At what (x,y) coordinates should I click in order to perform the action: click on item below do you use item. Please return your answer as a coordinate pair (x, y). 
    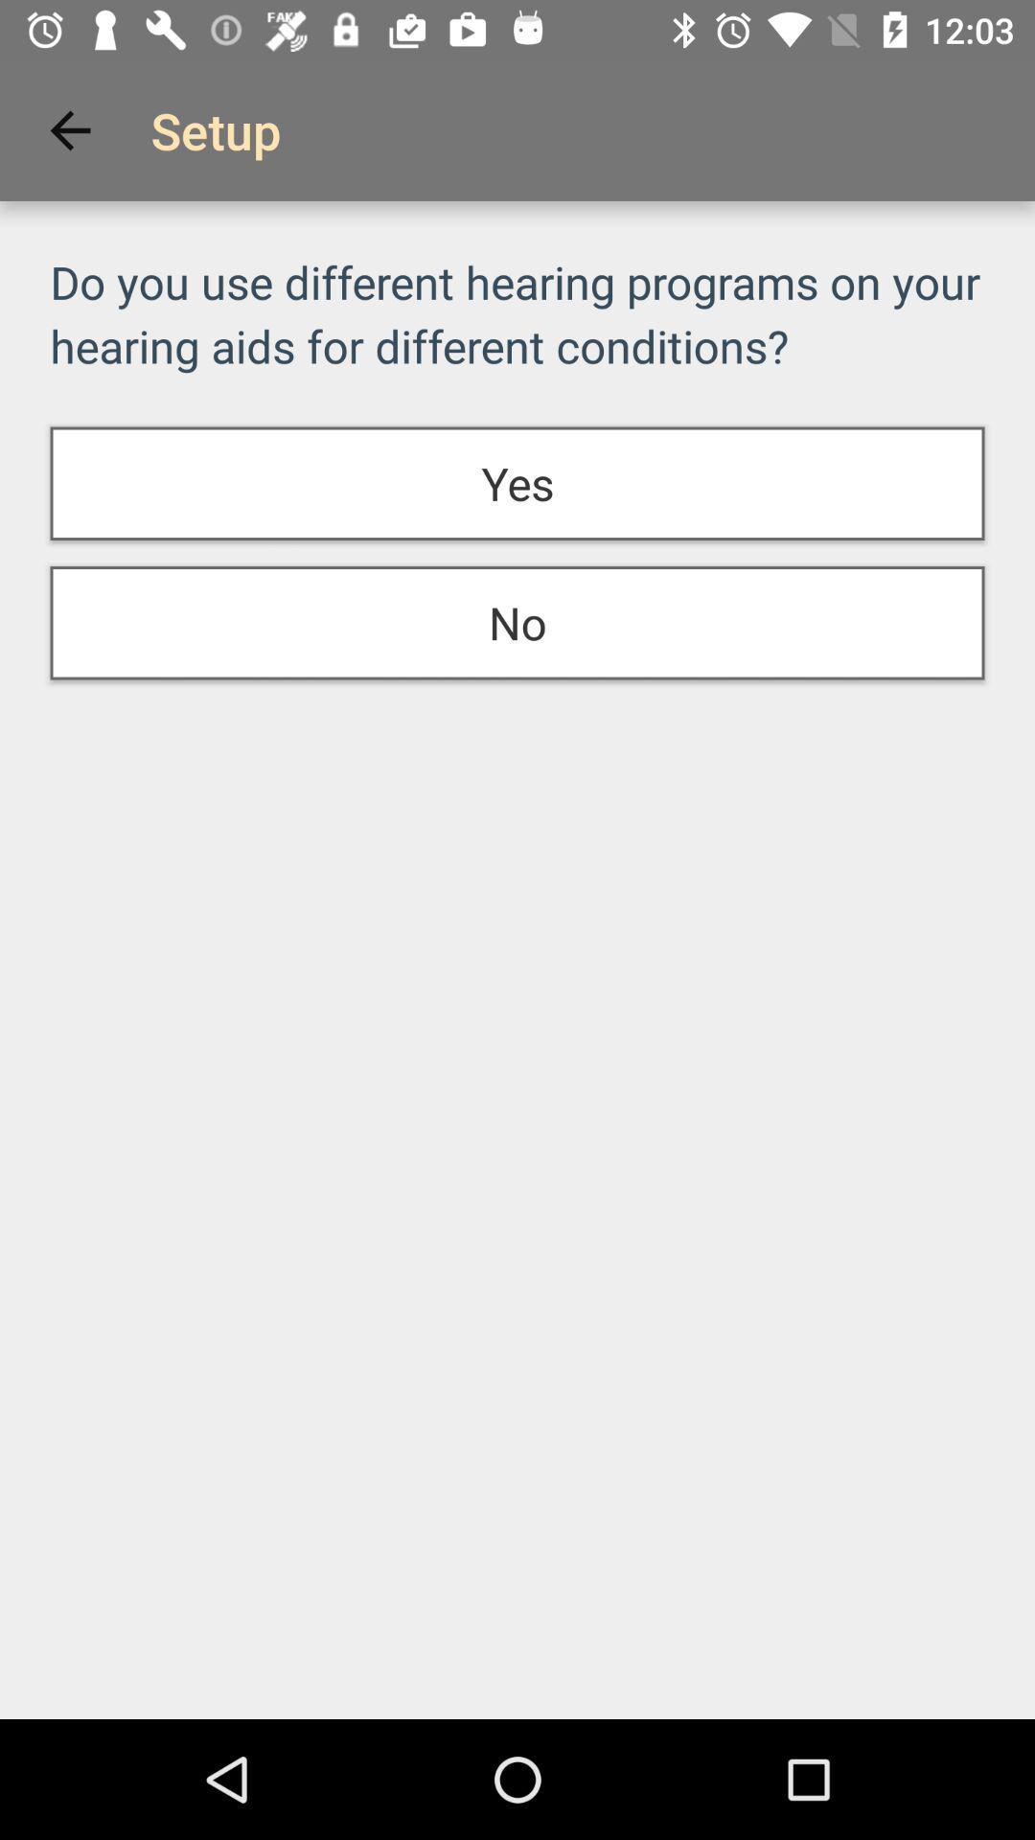
    Looking at the image, I should click on (517, 483).